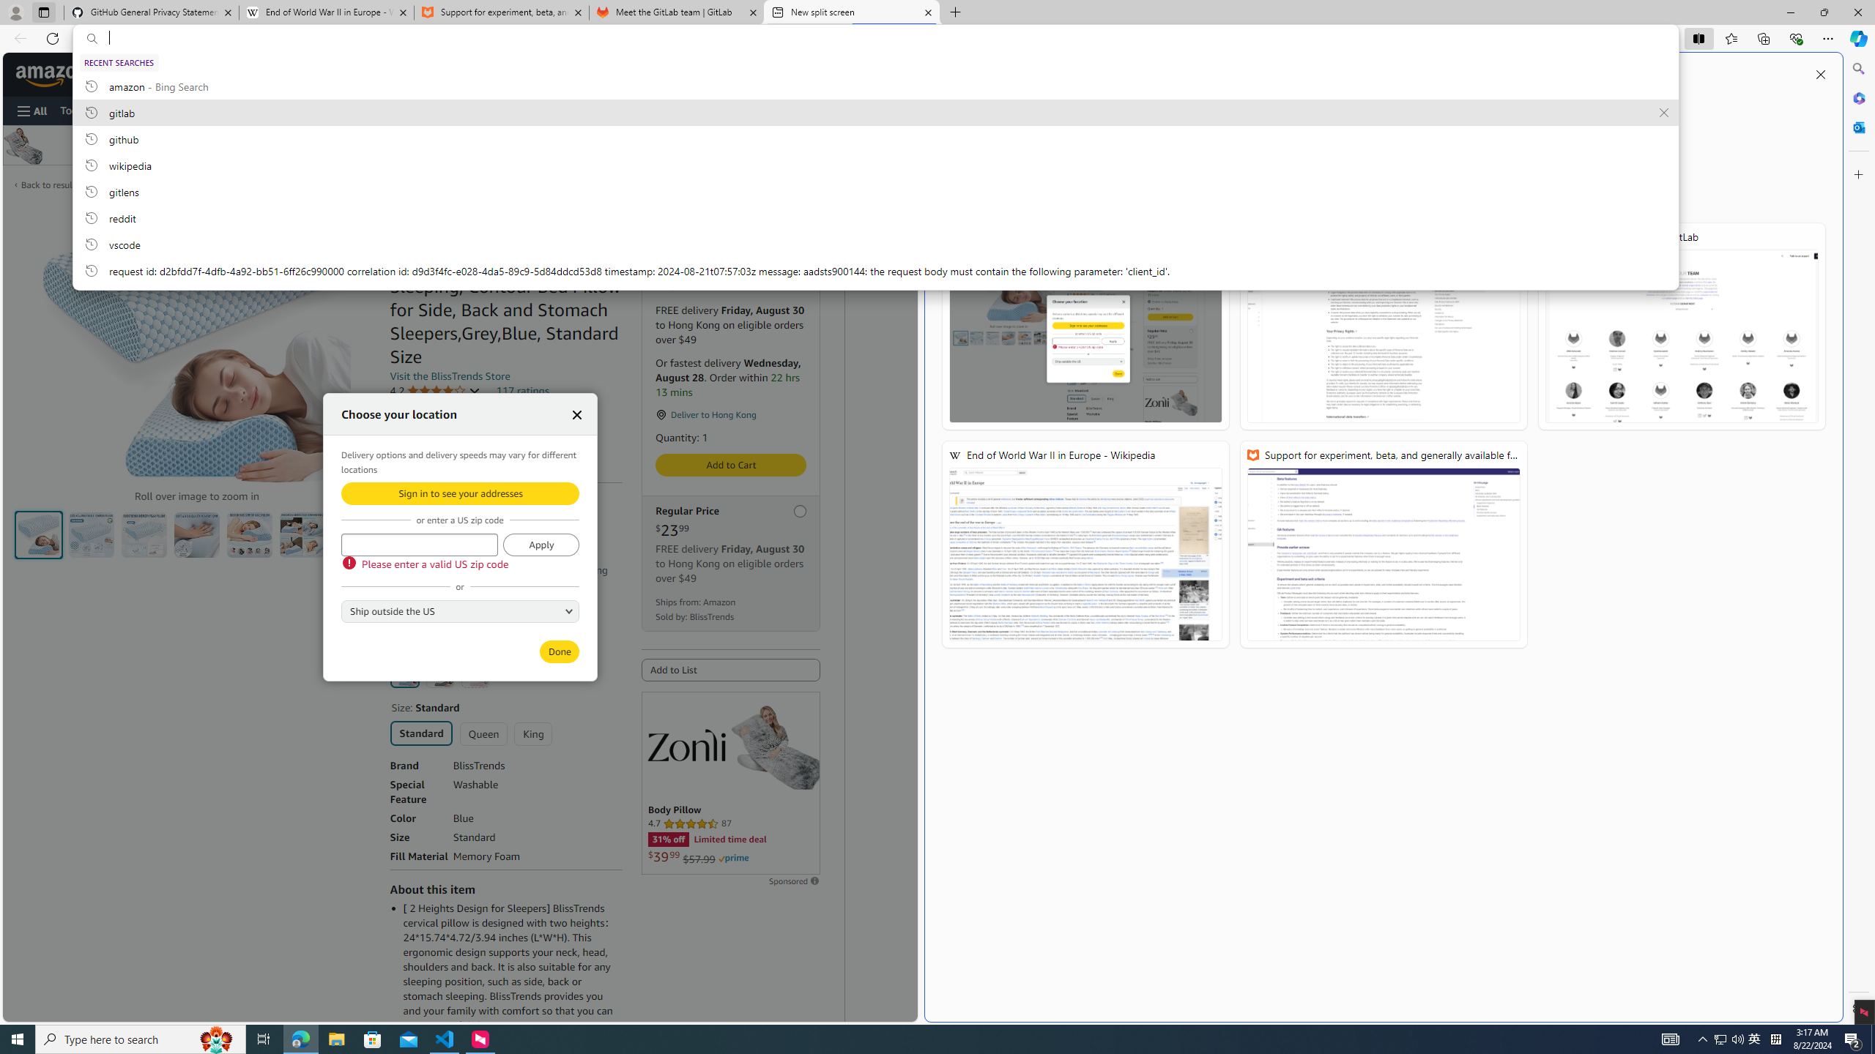 This screenshot has height=1054, width=1875. What do you see at coordinates (559, 651) in the screenshot?
I see `'Done'` at bounding box center [559, 651].